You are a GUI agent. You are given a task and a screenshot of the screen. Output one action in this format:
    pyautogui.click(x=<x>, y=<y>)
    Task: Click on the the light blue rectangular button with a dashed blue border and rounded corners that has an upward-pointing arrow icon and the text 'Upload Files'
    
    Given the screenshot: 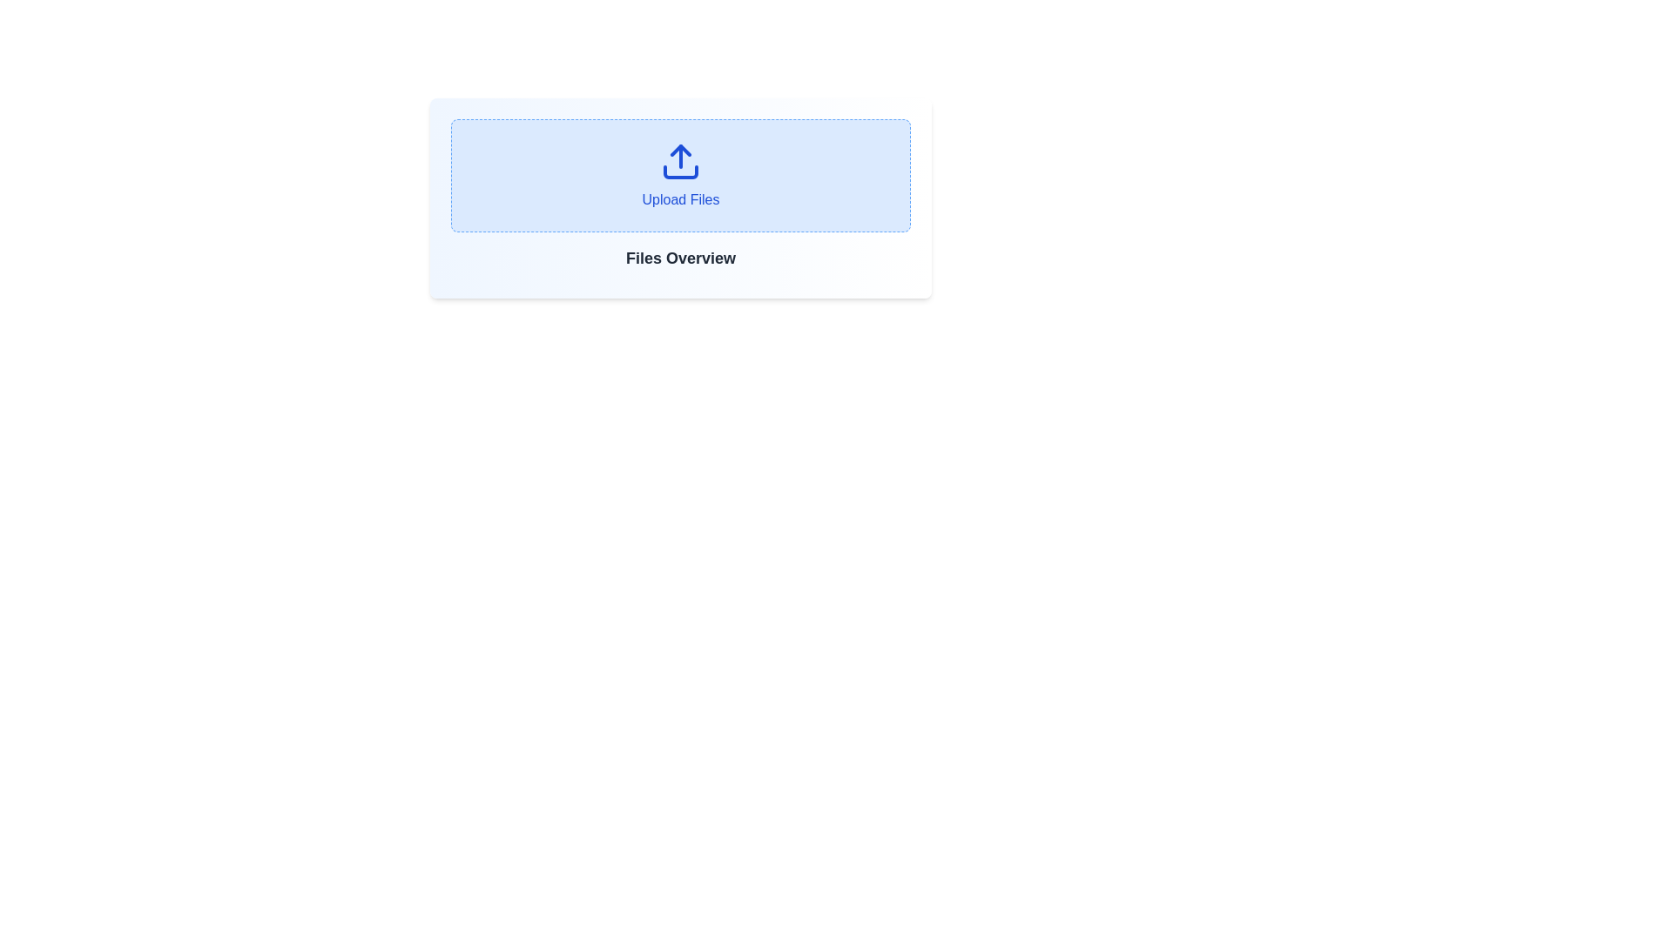 What is the action you would take?
    pyautogui.click(x=680, y=175)
    